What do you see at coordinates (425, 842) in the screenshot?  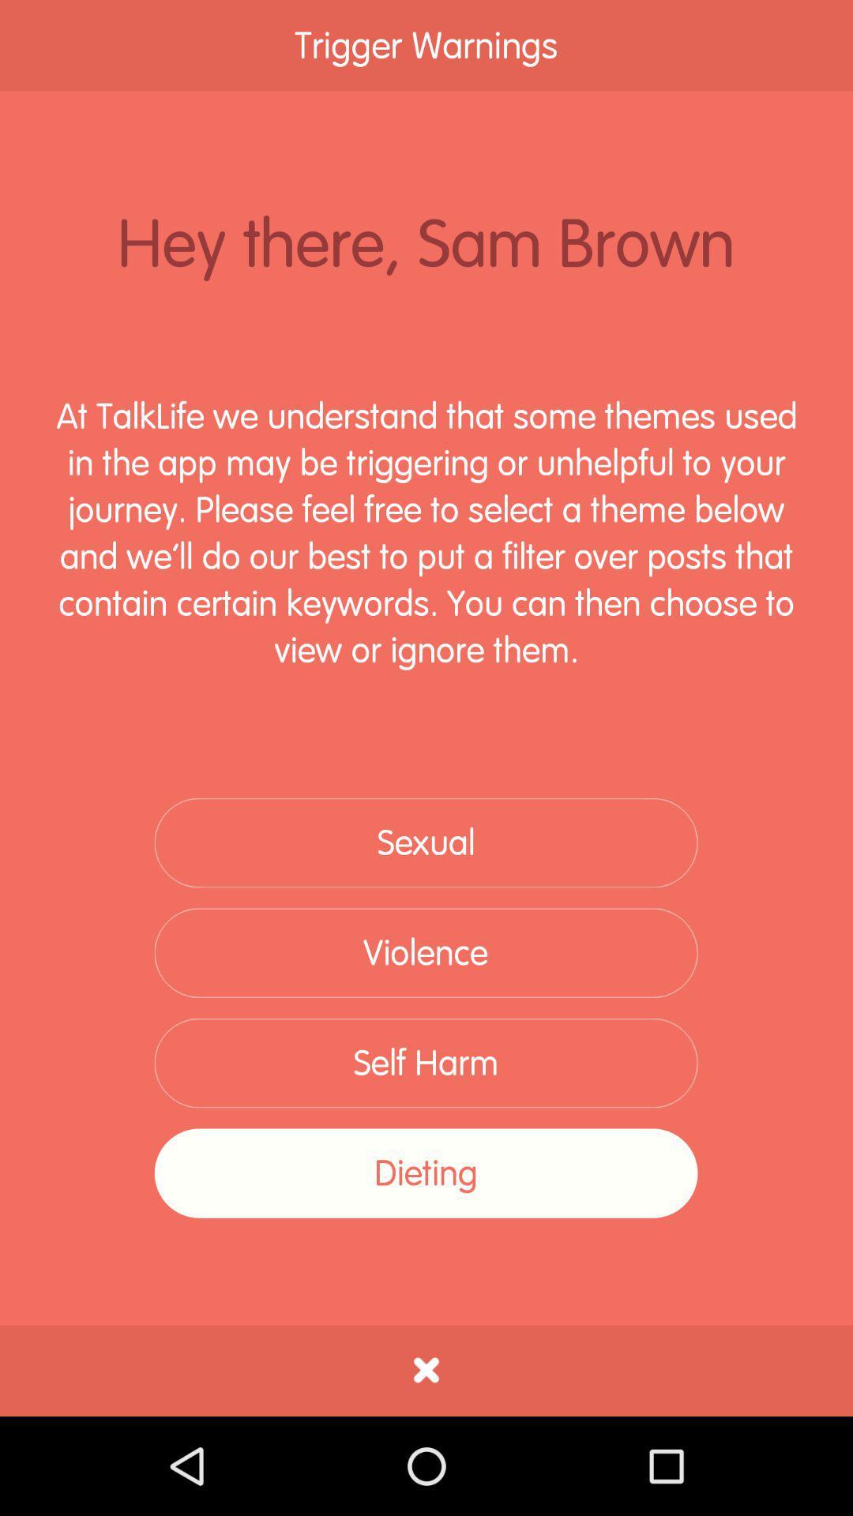 I see `the sexual icon` at bounding box center [425, 842].